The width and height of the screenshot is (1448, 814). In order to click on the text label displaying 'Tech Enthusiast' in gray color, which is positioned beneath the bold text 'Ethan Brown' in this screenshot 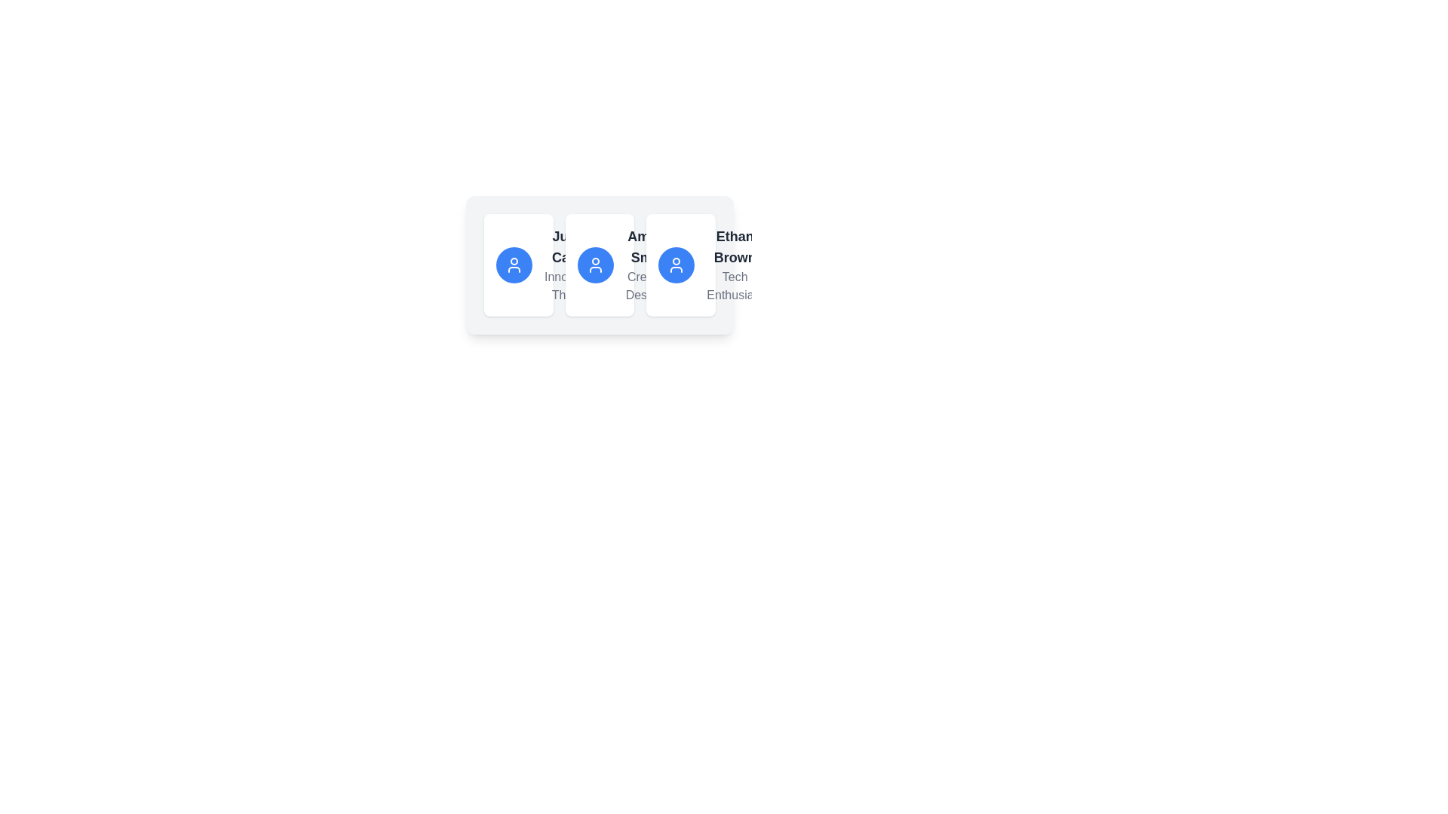, I will do `click(735, 286)`.